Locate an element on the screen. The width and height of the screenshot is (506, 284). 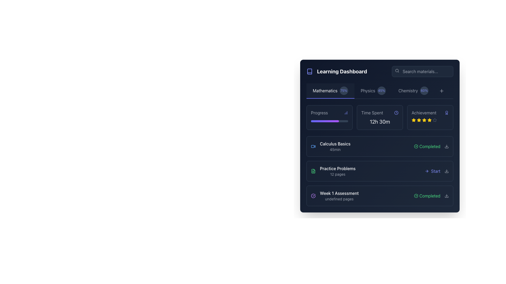
the 'Mathematics' label with a progress indicator showing '75%' is located at coordinates (330, 90).